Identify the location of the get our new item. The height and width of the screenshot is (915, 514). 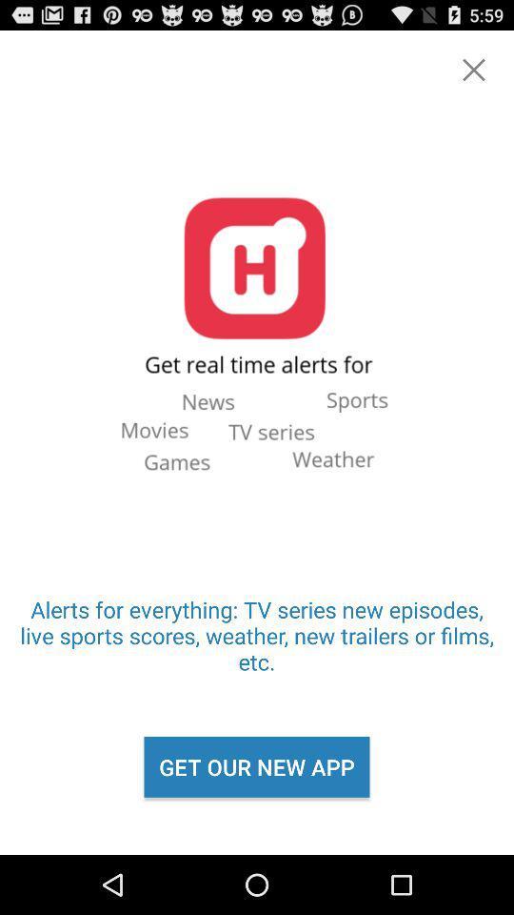
(257, 766).